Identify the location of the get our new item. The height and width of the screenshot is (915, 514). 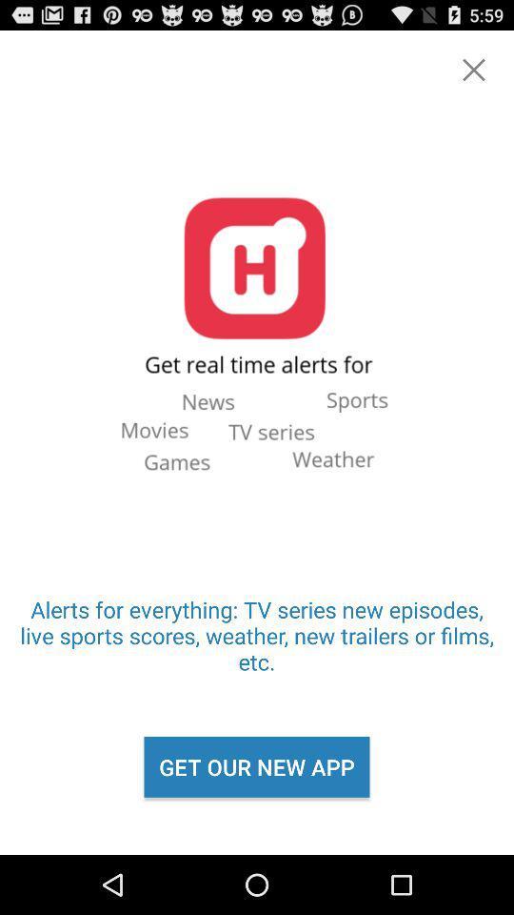
(257, 766).